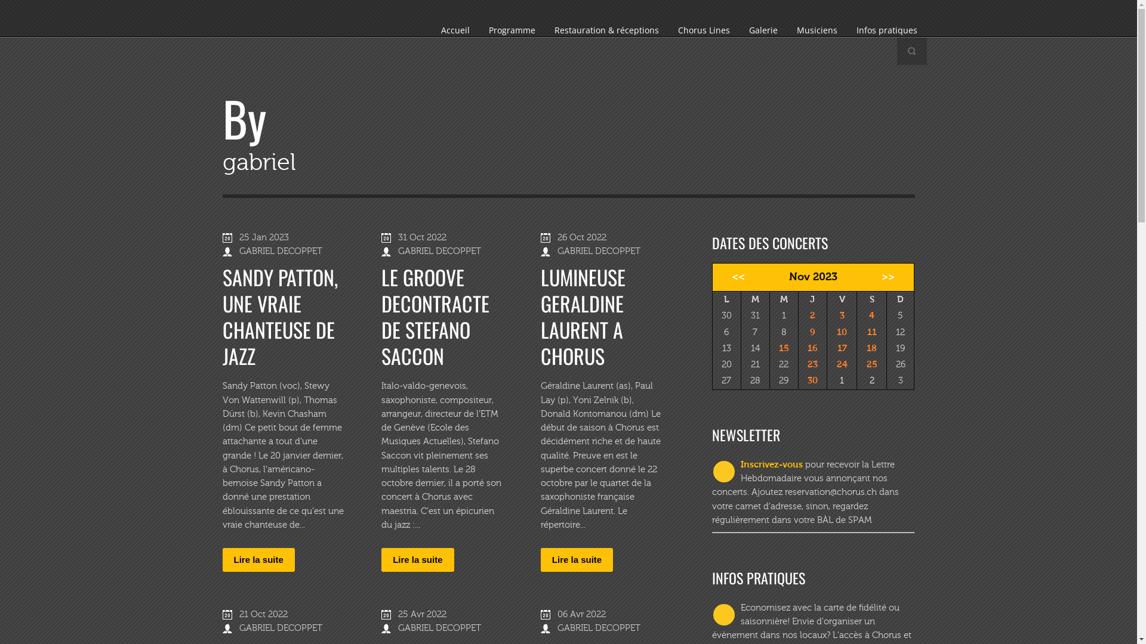 This screenshot has width=1146, height=644. Describe the element at coordinates (812, 314) in the screenshot. I see `'2'` at that location.